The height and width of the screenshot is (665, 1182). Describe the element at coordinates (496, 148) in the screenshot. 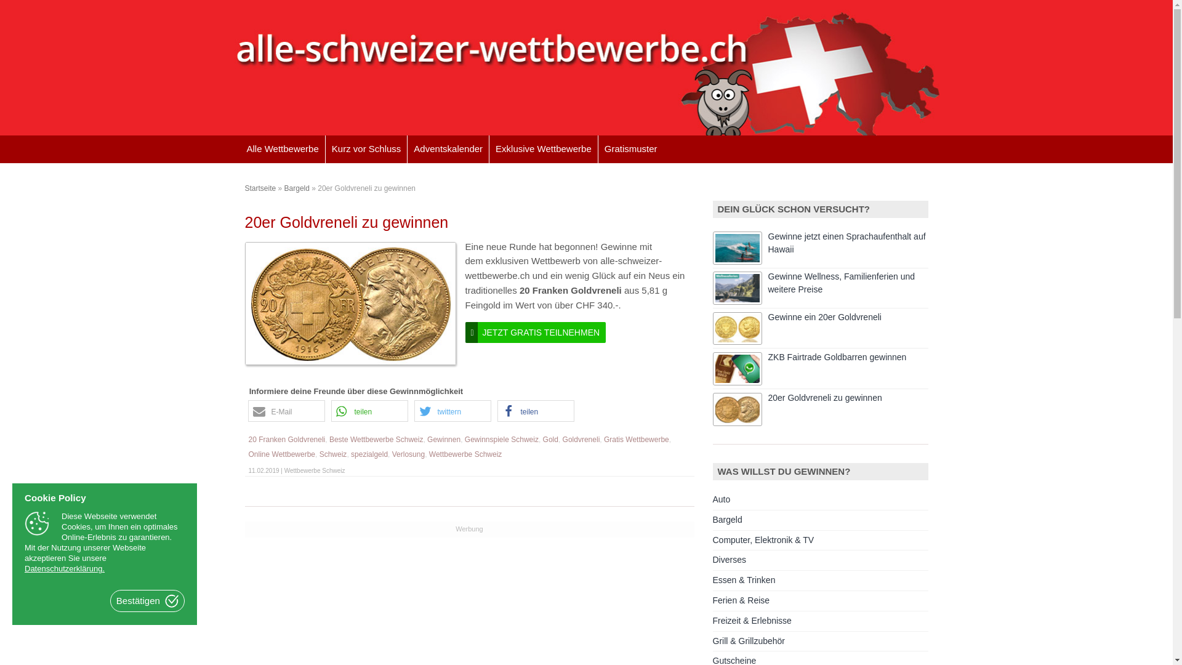

I see `'Exklusive Wettbewerbe'` at that location.